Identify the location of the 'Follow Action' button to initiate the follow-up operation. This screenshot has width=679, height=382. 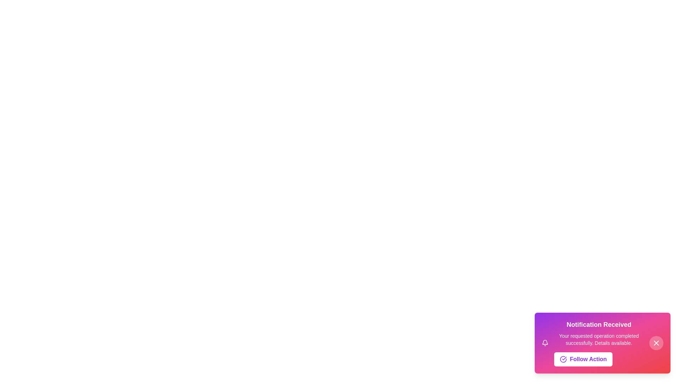
(583, 359).